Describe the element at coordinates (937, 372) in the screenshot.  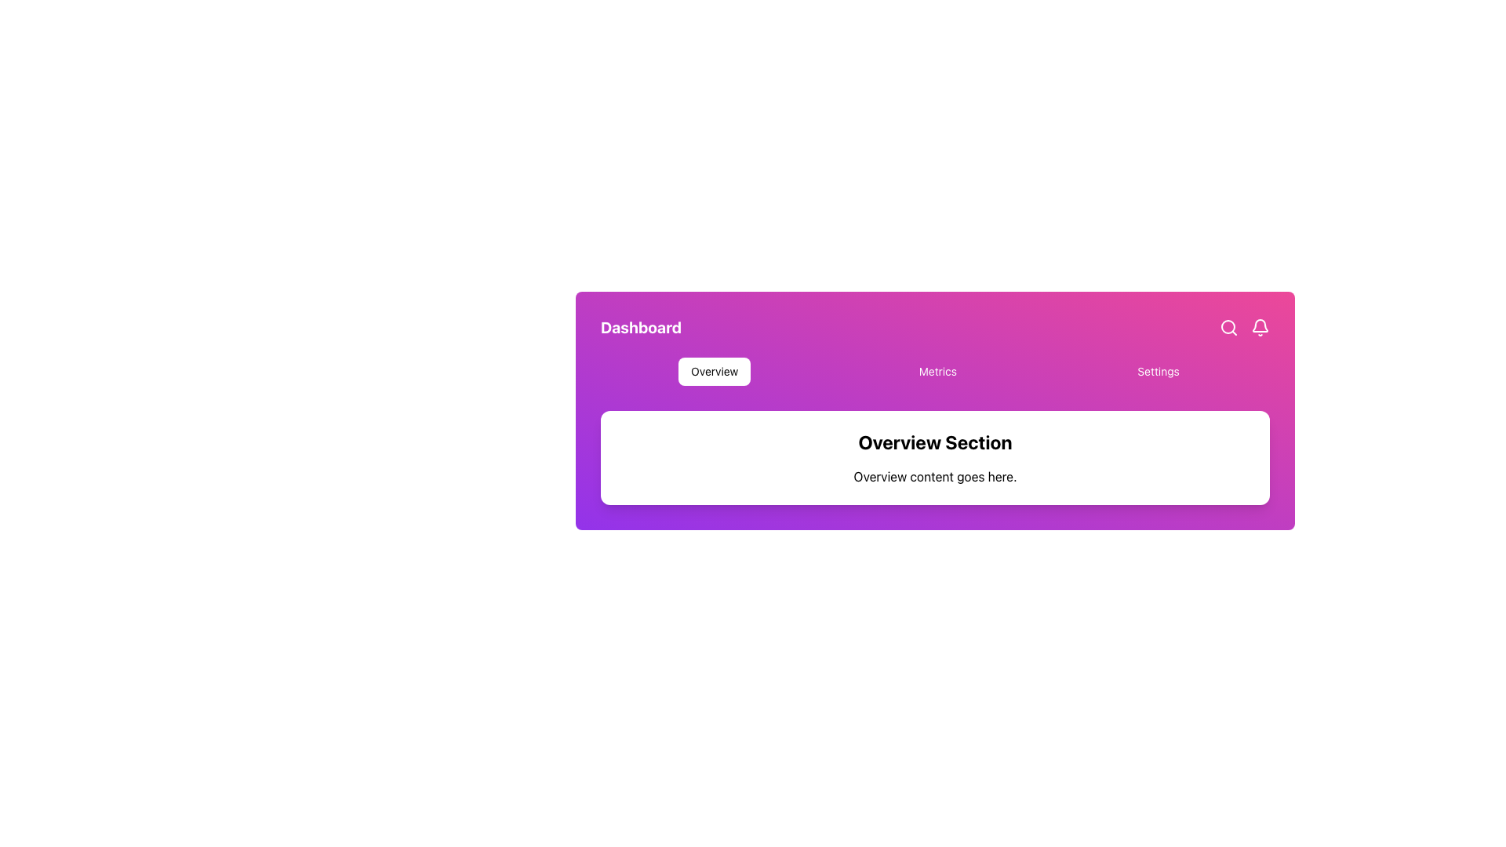
I see `the centrally placed 'Metrics' button in the navigation header` at that location.